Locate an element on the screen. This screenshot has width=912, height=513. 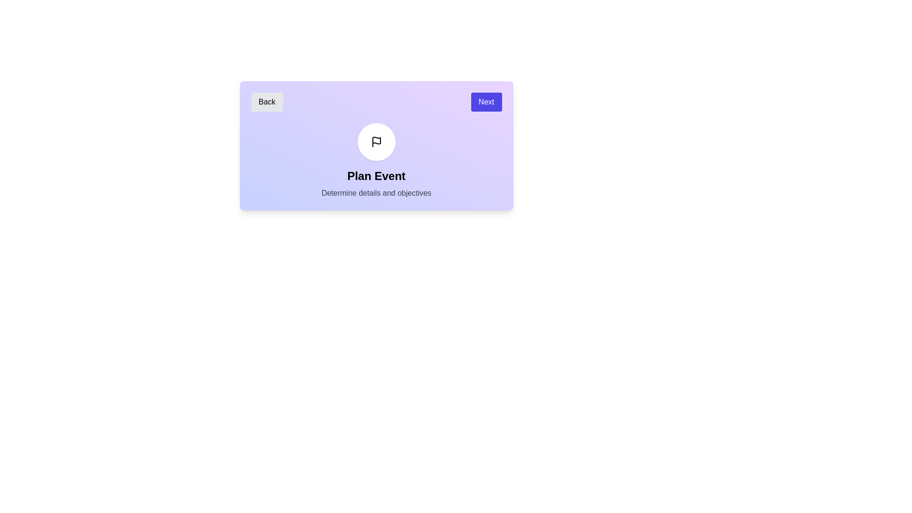
the icon to view step details is located at coordinates (376, 142).